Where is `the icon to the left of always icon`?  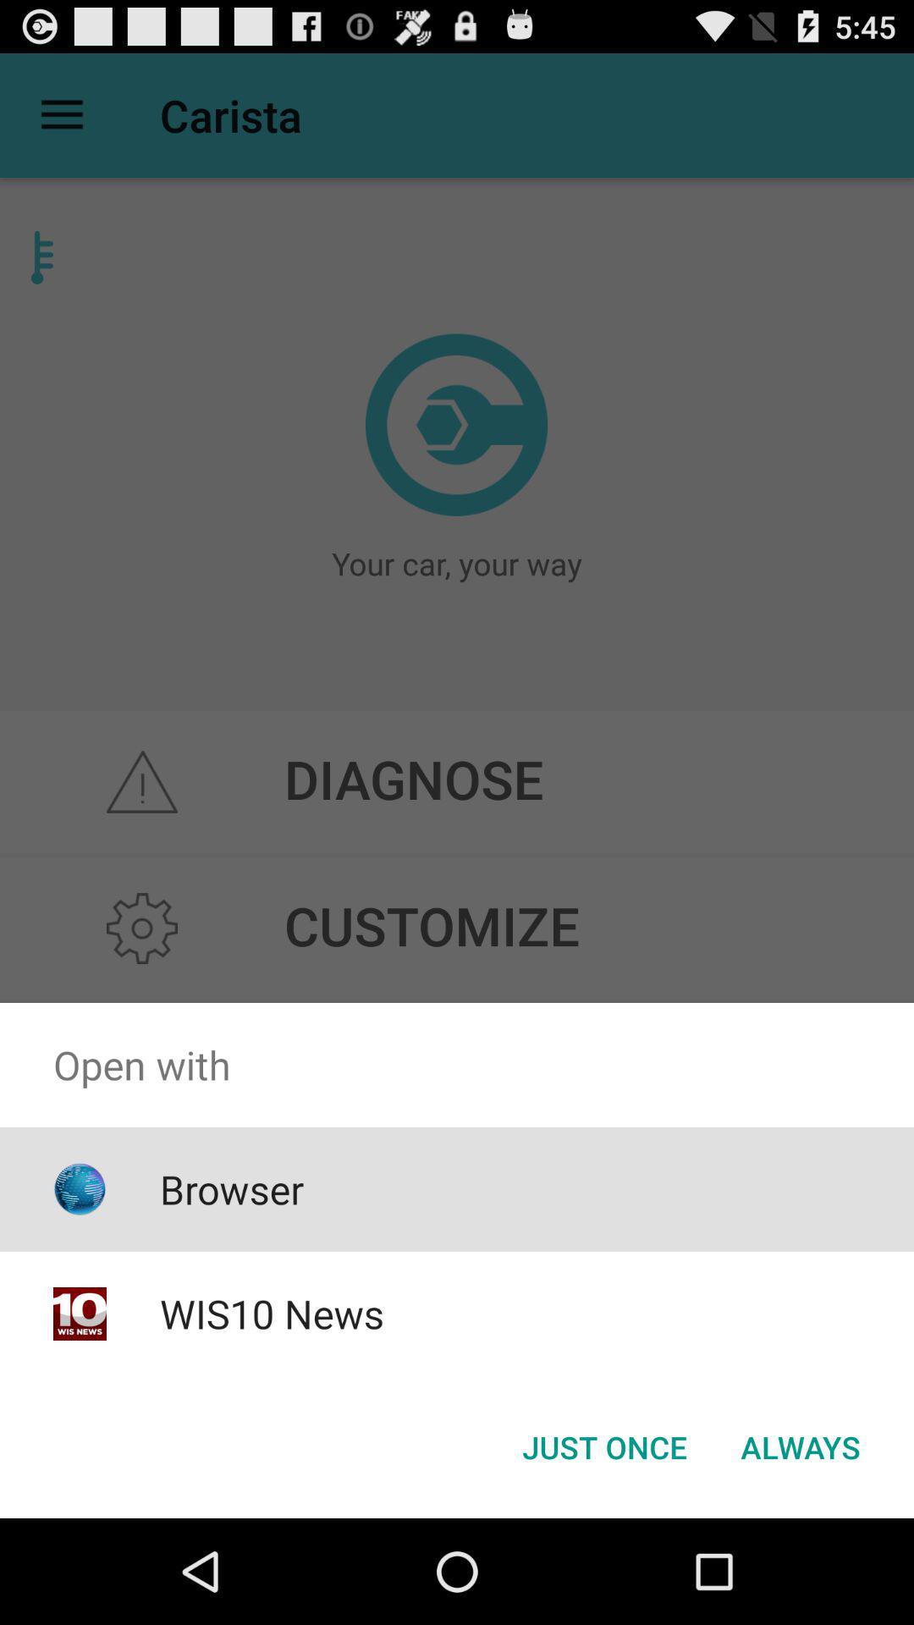
the icon to the left of always icon is located at coordinates (603, 1446).